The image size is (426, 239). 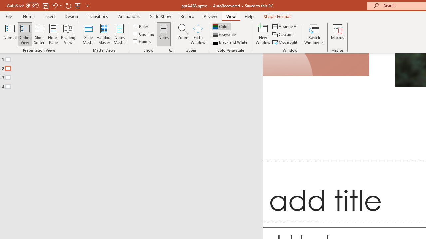 I want to click on 'Notes Page', so click(x=53, y=34).